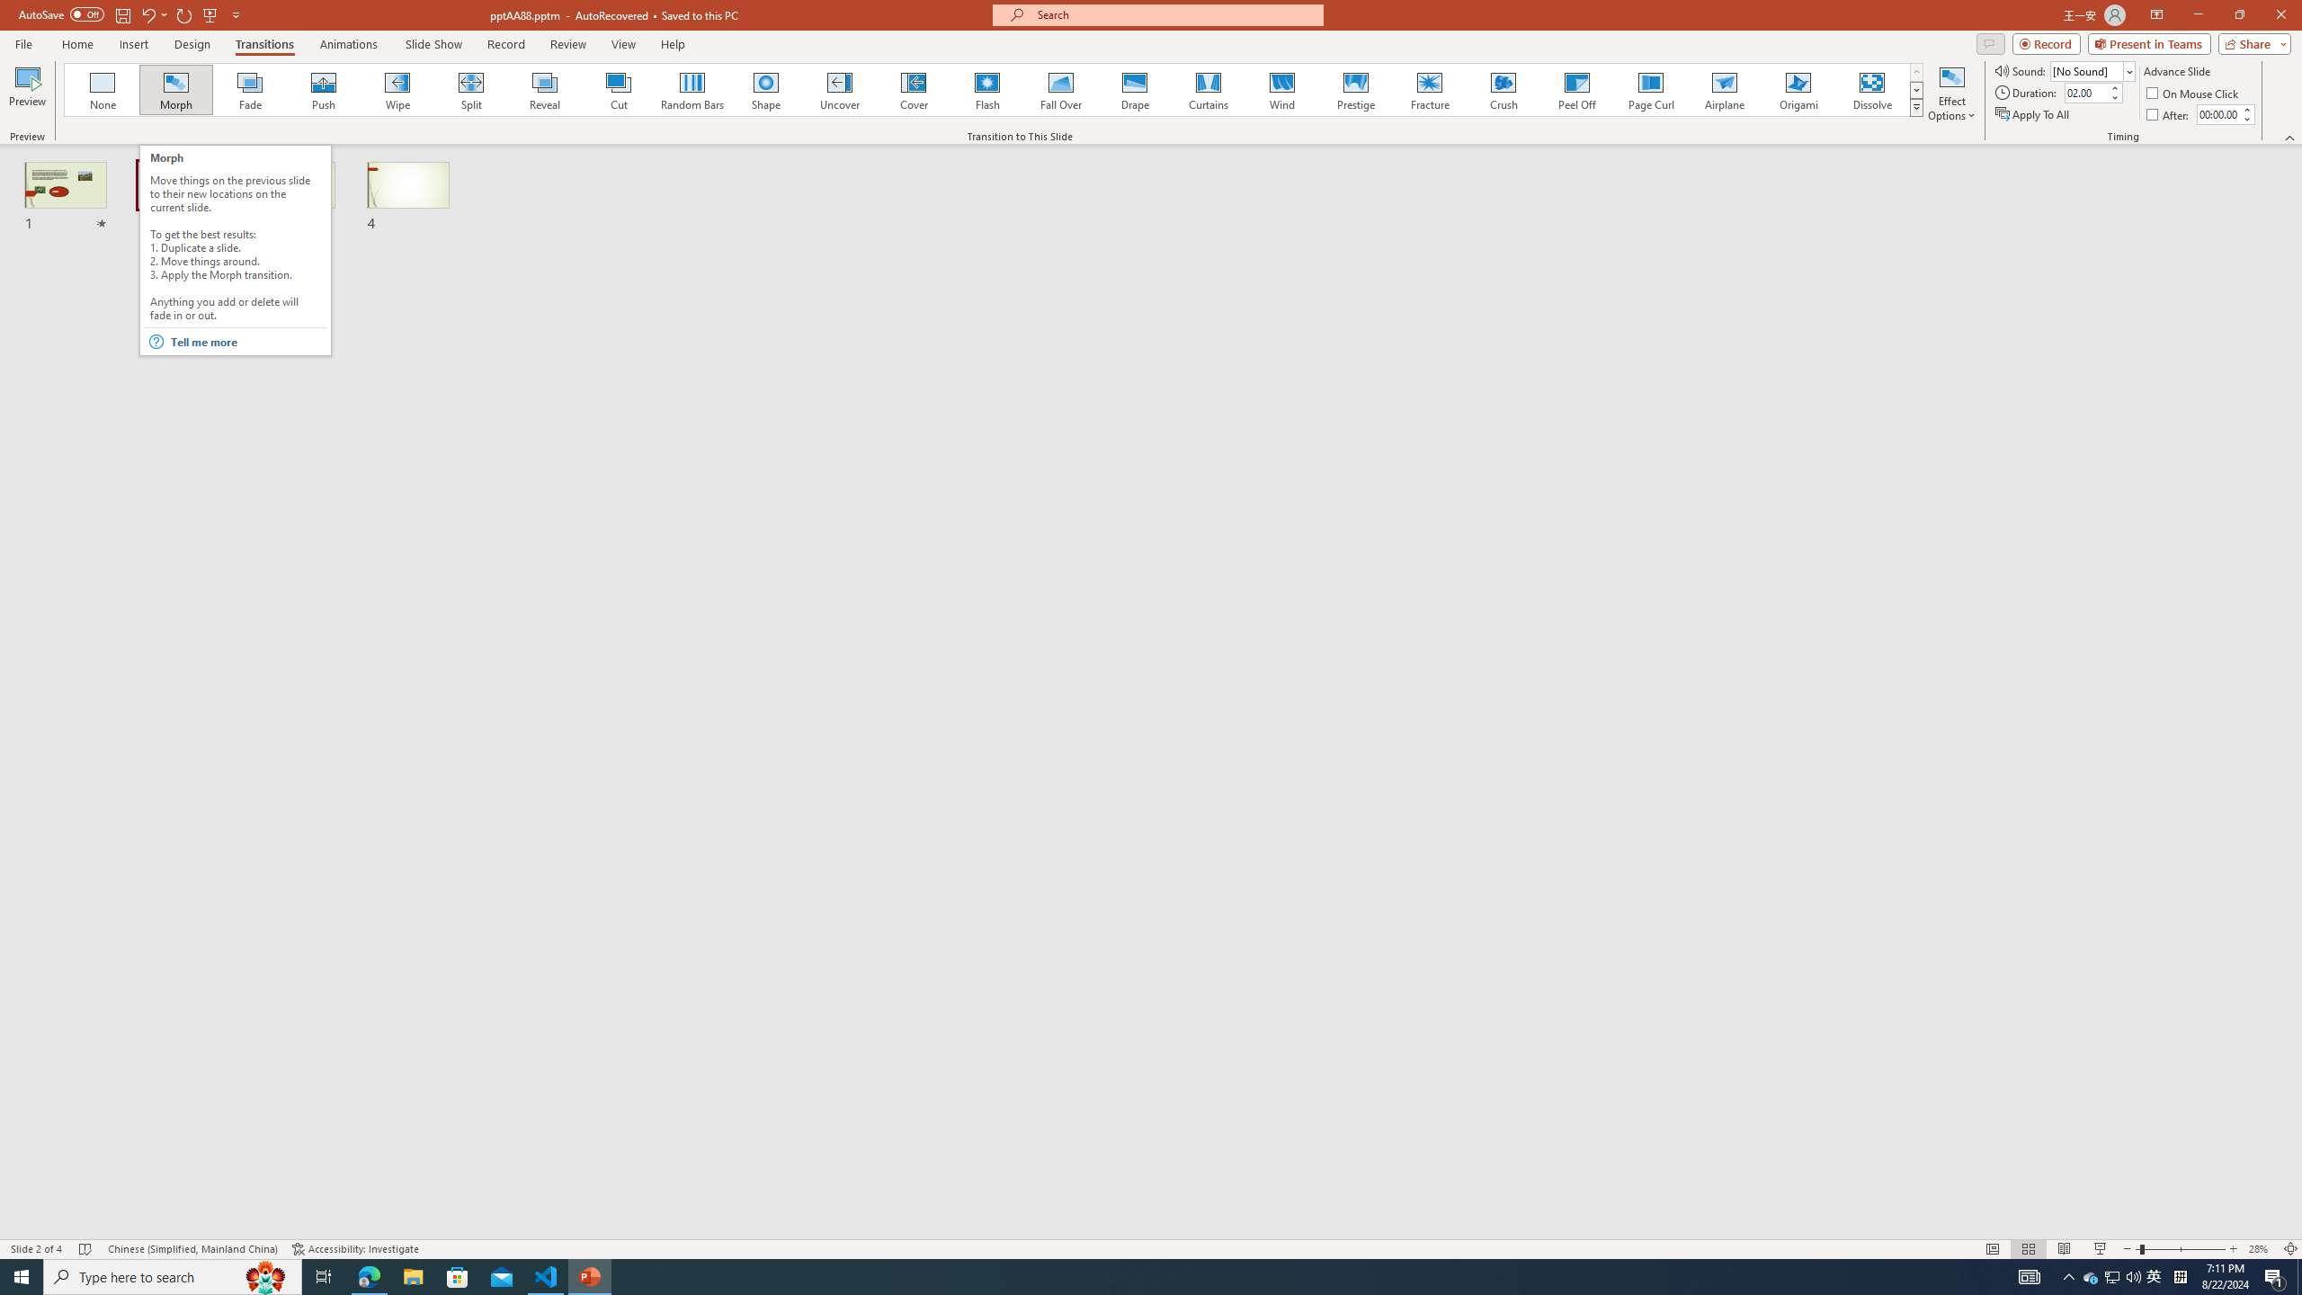 The image size is (2302, 1295). What do you see at coordinates (1429, 89) in the screenshot?
I see `'Fracture'` at bounding box center [1429, 89].